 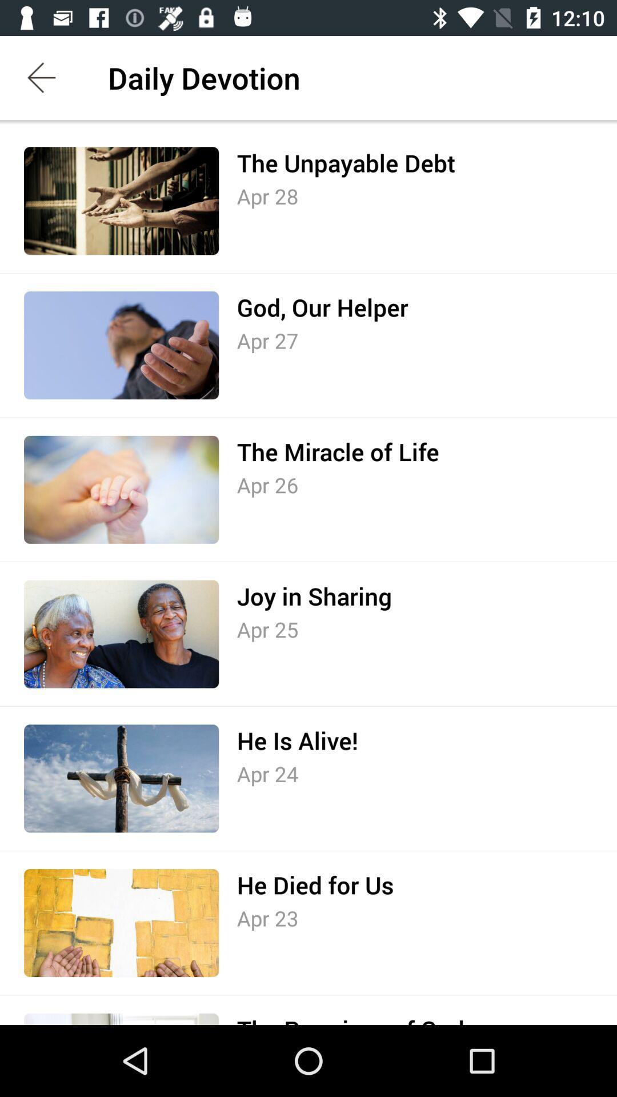 I want to click on return to previous, so click(x=41, y=77).